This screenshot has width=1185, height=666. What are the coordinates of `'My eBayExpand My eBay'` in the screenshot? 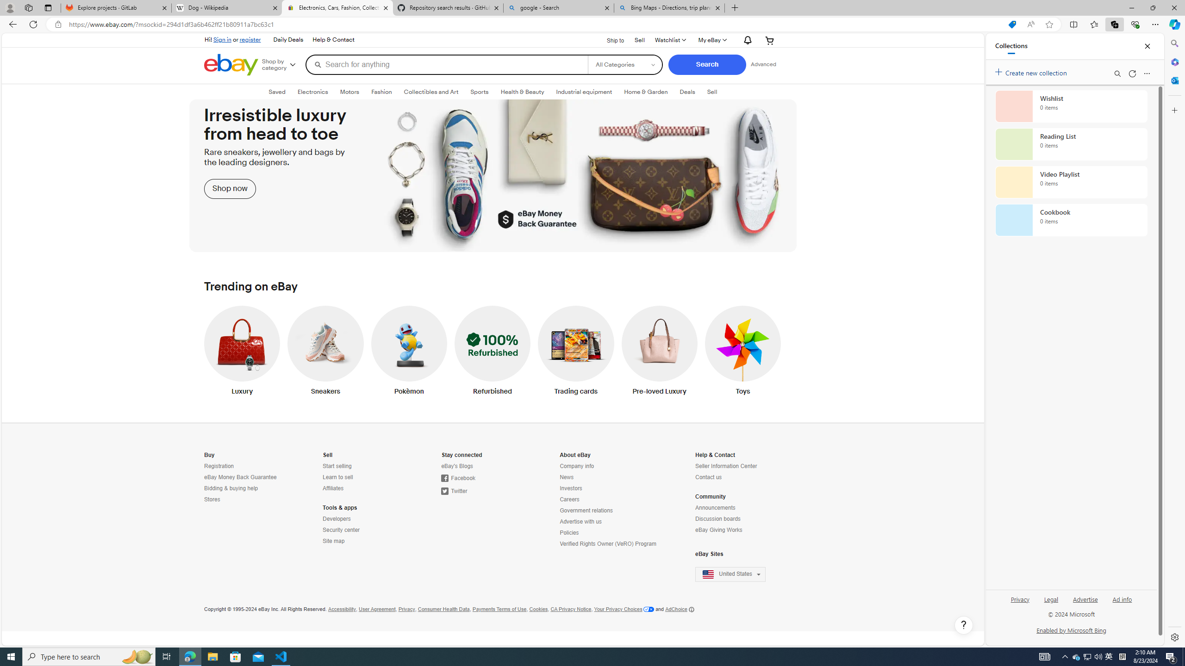 It's located at (711, 40).